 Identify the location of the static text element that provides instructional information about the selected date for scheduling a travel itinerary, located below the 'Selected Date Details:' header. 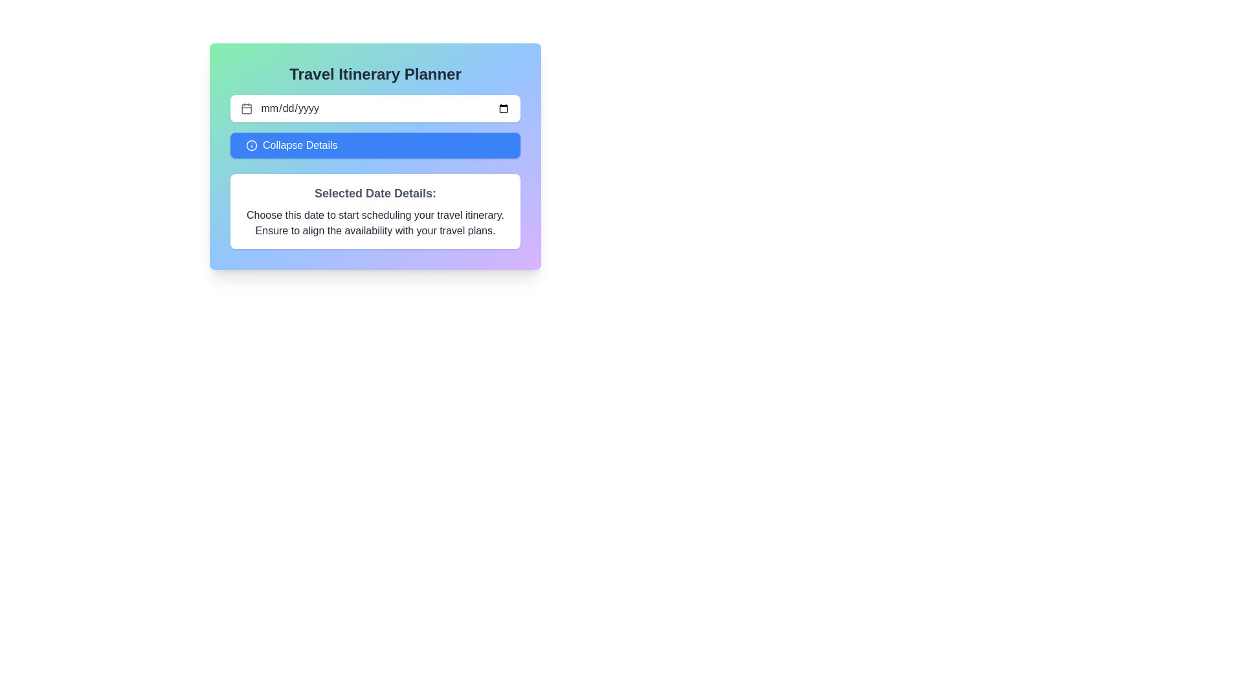
(375, 222).